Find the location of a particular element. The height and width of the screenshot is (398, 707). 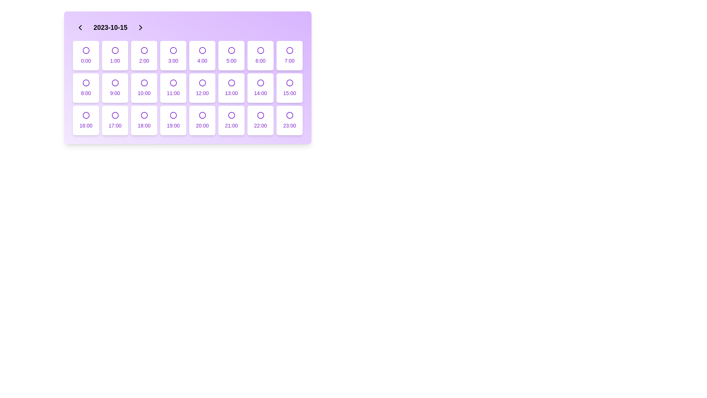

the circular marker indicating the '18:00' time slot located in the fourth row and third column of the time slot grid is located at coordinates (144, 115).